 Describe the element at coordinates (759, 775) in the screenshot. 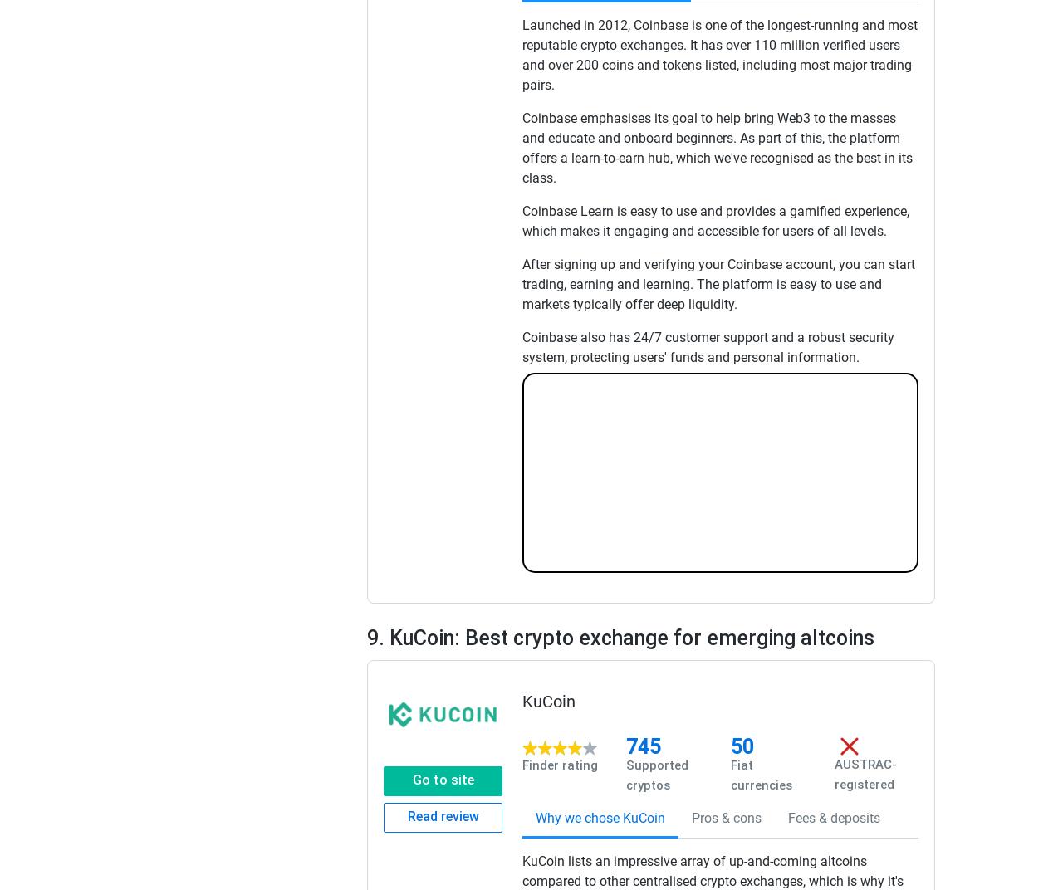

I see `'Fiat currencies'` at that location.